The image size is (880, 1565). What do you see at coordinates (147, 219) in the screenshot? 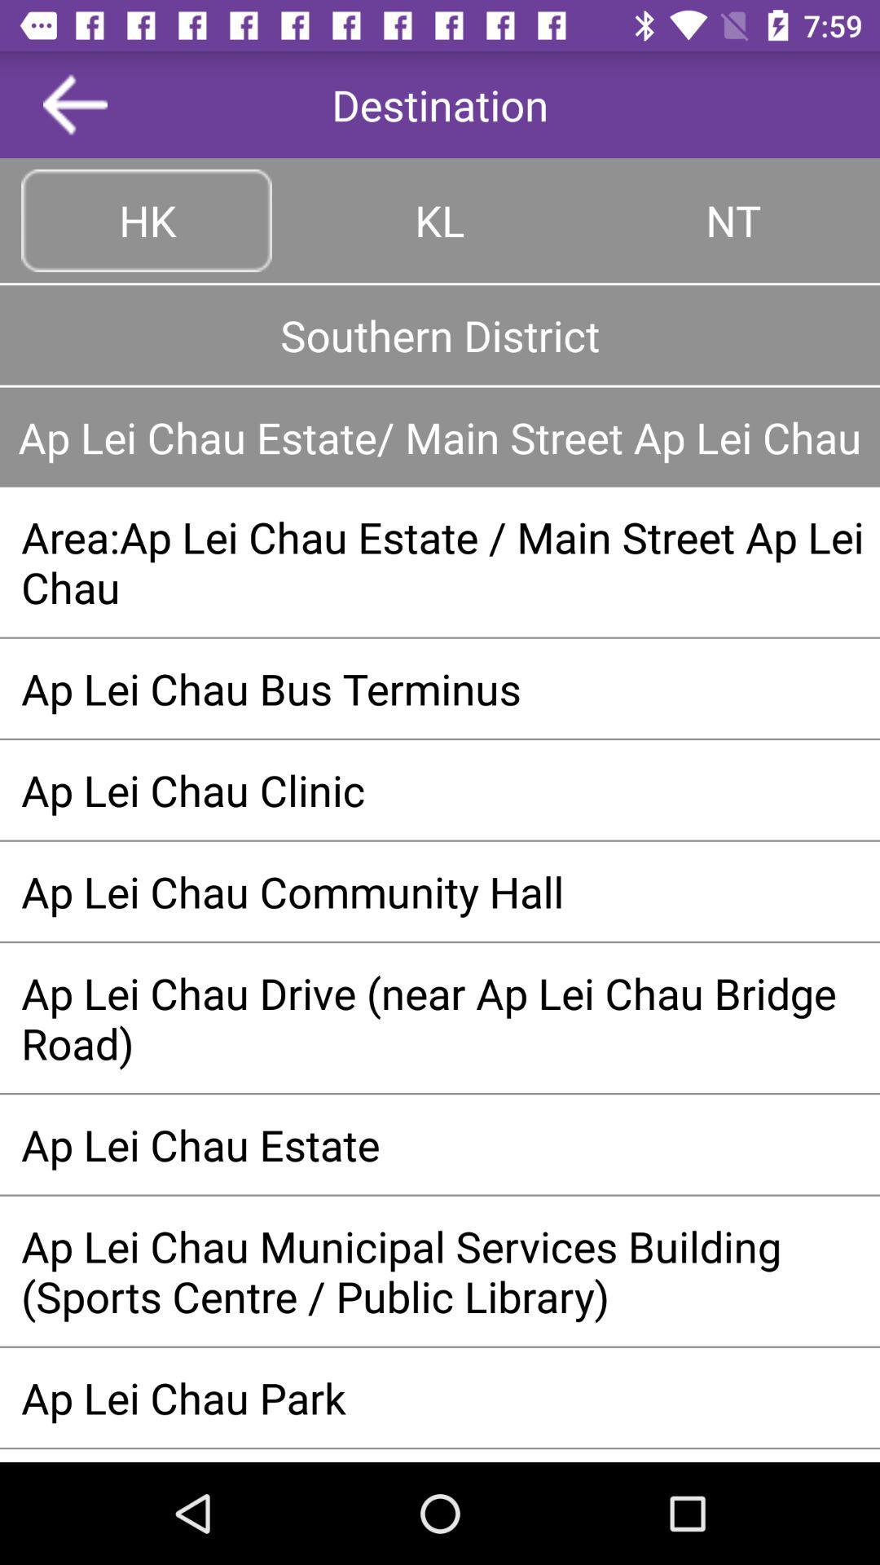
I see `button next to the kl icon` at bounding box center [147, 219].